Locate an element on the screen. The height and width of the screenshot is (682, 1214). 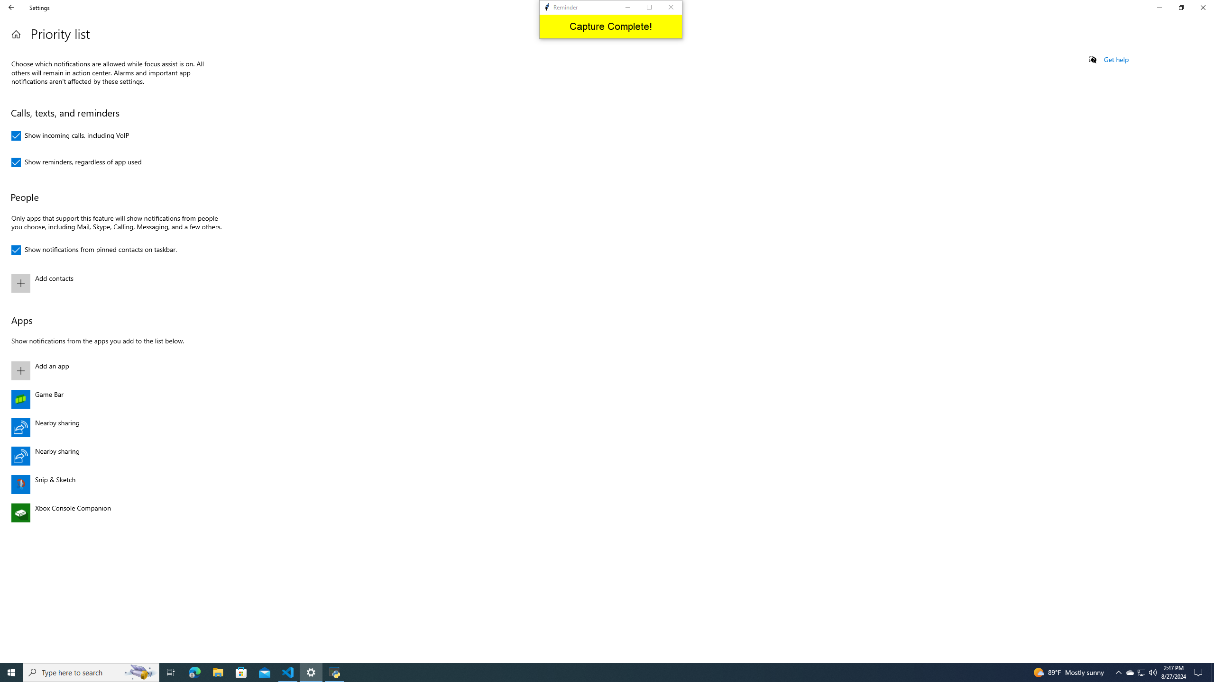
'Xbox Console Companion' is located at coordinates (114, 512).